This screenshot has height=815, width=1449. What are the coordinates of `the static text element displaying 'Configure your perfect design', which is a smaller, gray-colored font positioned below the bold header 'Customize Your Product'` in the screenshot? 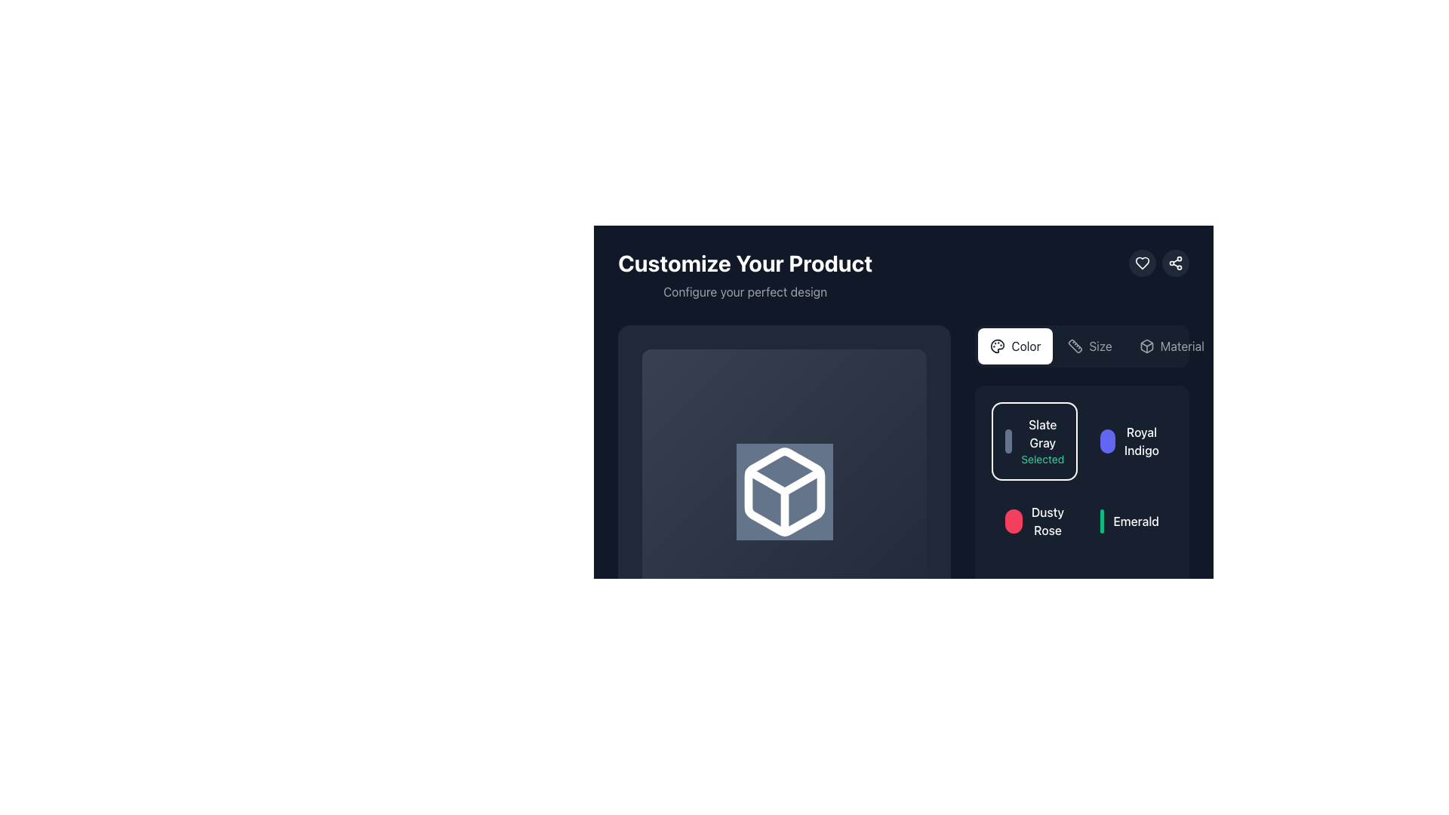 It's located at (745, 291).